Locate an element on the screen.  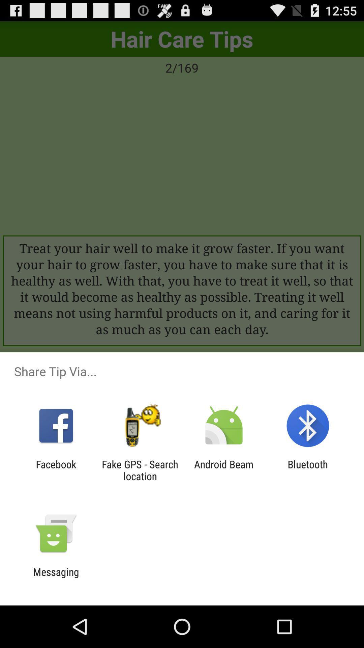
icon to the right of the fake gps search icon is located at coordinates (224, 470).